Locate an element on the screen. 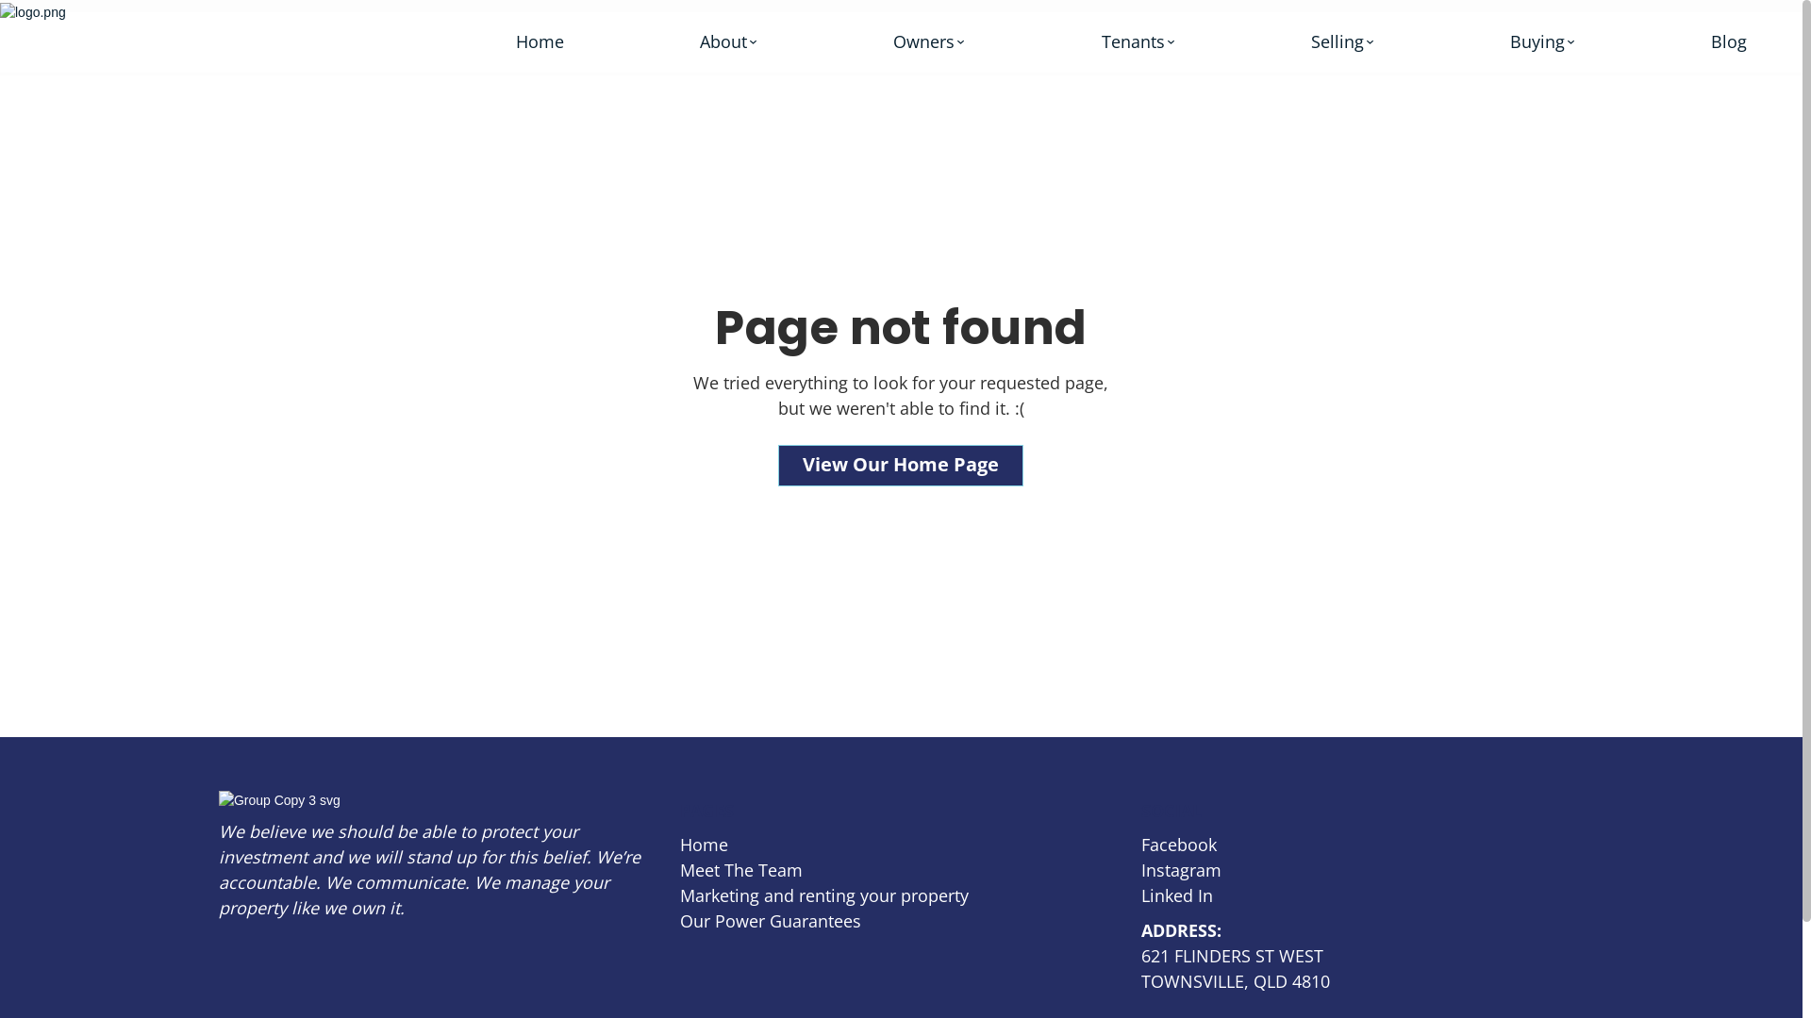  'Marketing and renting your property' is located at coordinates (823, 895).